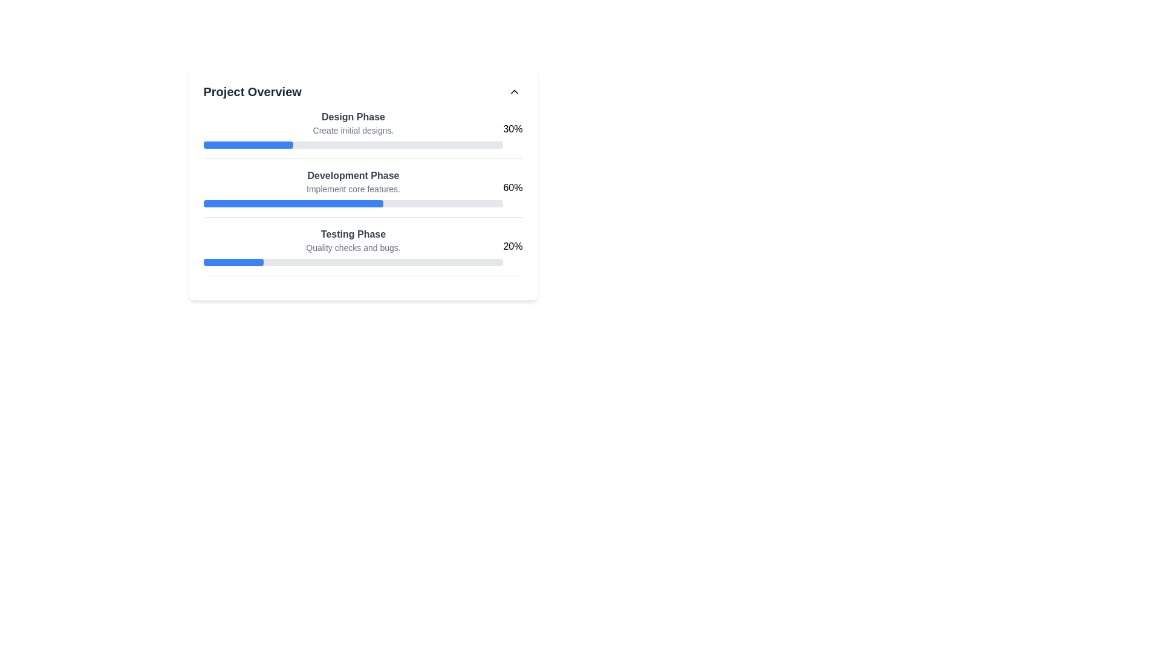 Image resolution: width=1161 pixels, height=653 pixels. Describe the element at coordinates (353, 144) in the screenshot. I see `the progress bar that indicates the completion status of the 'Design Phase' in the project overview` at that location.